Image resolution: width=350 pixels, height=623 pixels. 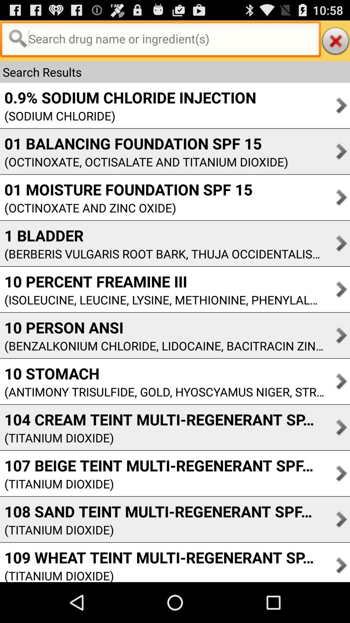 What do you see at coordinates (335, 40) in the screenshot?
I see `the icon above search results` at bounding box center [335, 40].